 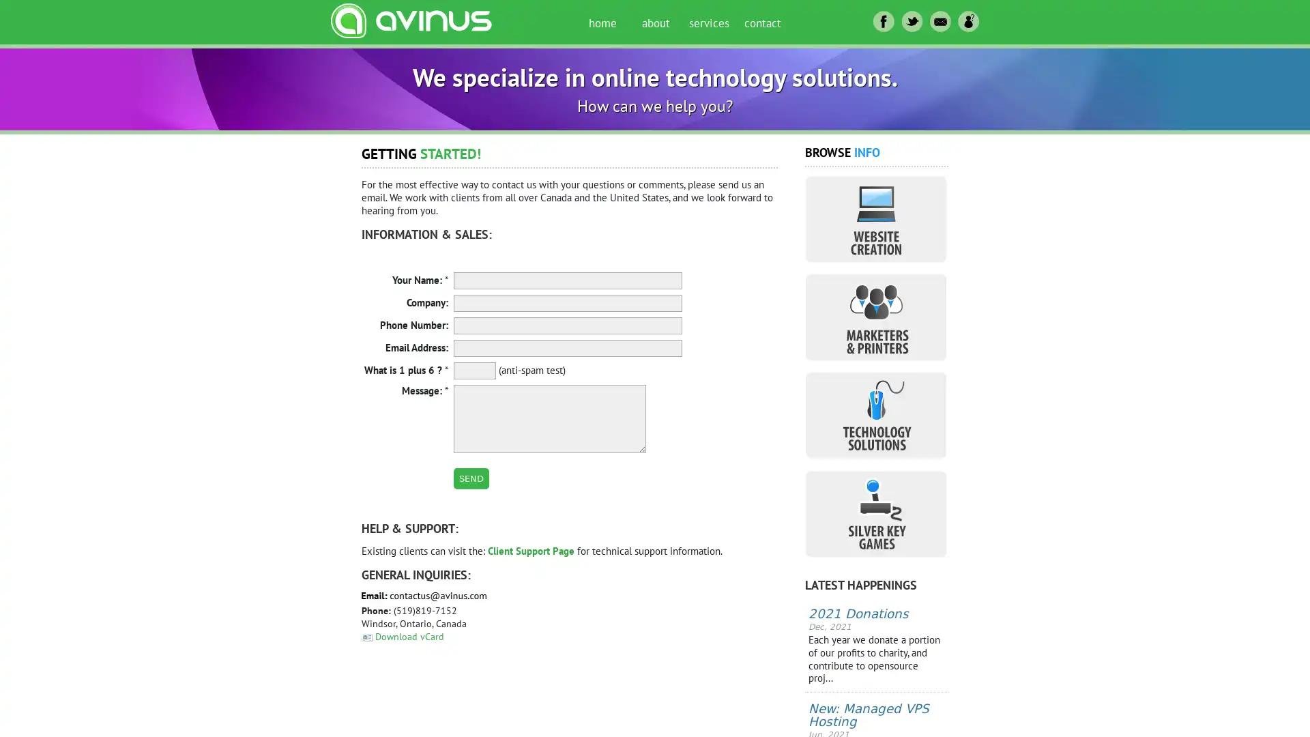 What do you see at coordinates (471, 478) in the screenshot?
I see `Send` at bounding box center [471, 478].